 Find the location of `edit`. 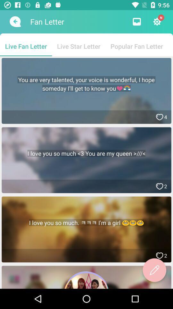

edit is located at coordinates (154, 270).